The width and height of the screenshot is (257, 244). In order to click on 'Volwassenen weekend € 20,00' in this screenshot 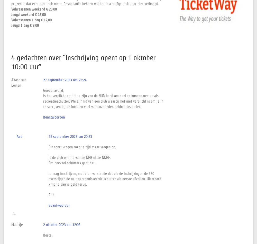, I will do `click(34, 9)`.